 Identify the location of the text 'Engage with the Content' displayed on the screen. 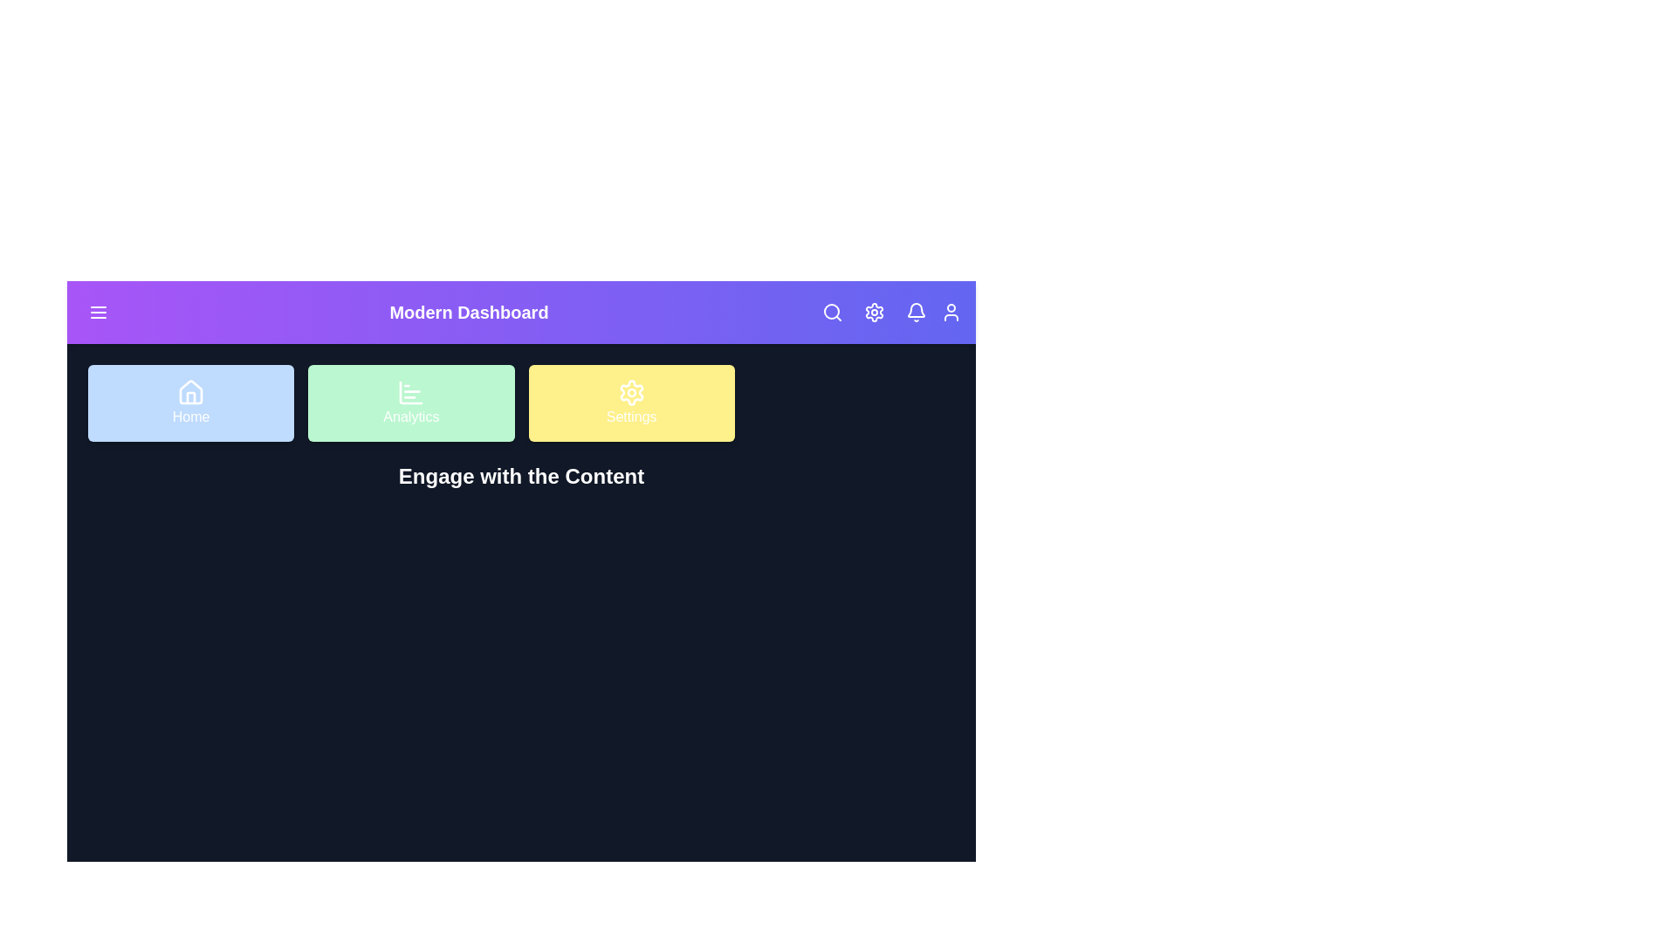
(520, 477).